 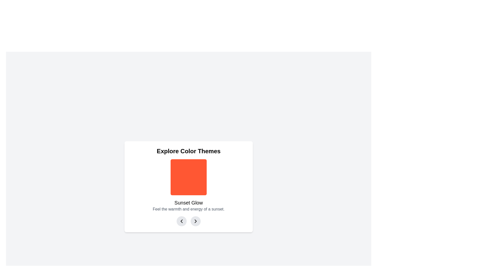 I want to click on the left-pointing chevron SVG icon, which is part of a circular button located beneath the content display and to the left of a similar right-pointing icon, so click(x=181, y=221).